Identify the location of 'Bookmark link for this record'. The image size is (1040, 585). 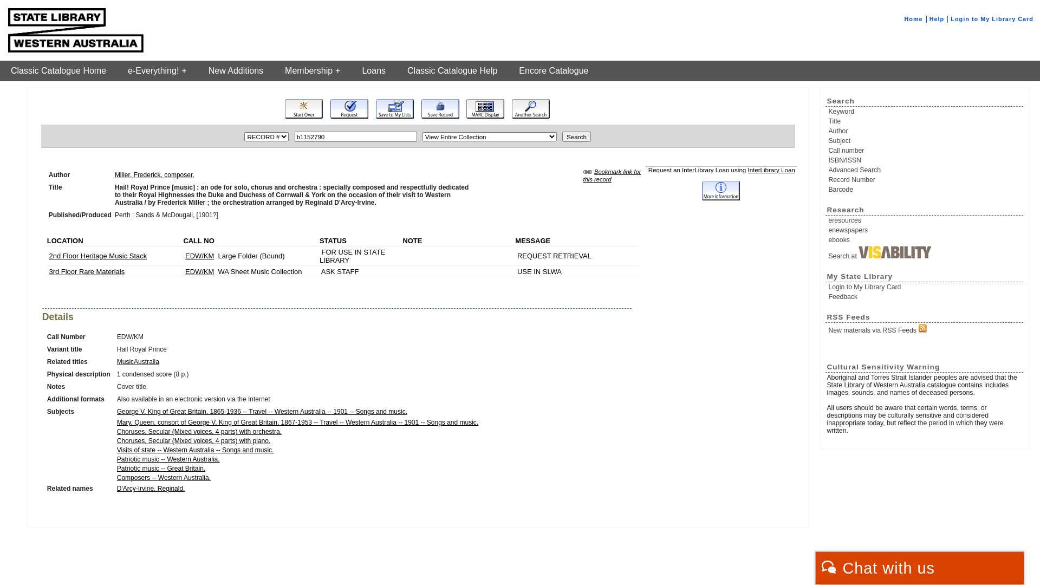
(612, 175).